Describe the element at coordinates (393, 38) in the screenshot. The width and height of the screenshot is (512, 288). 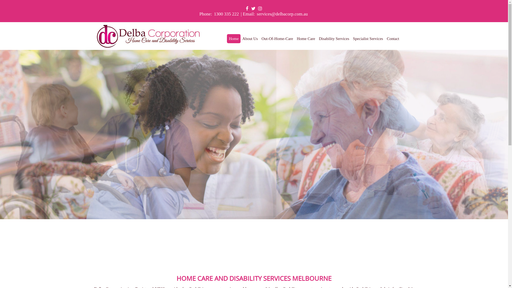
I see `'Contact'` at that location.